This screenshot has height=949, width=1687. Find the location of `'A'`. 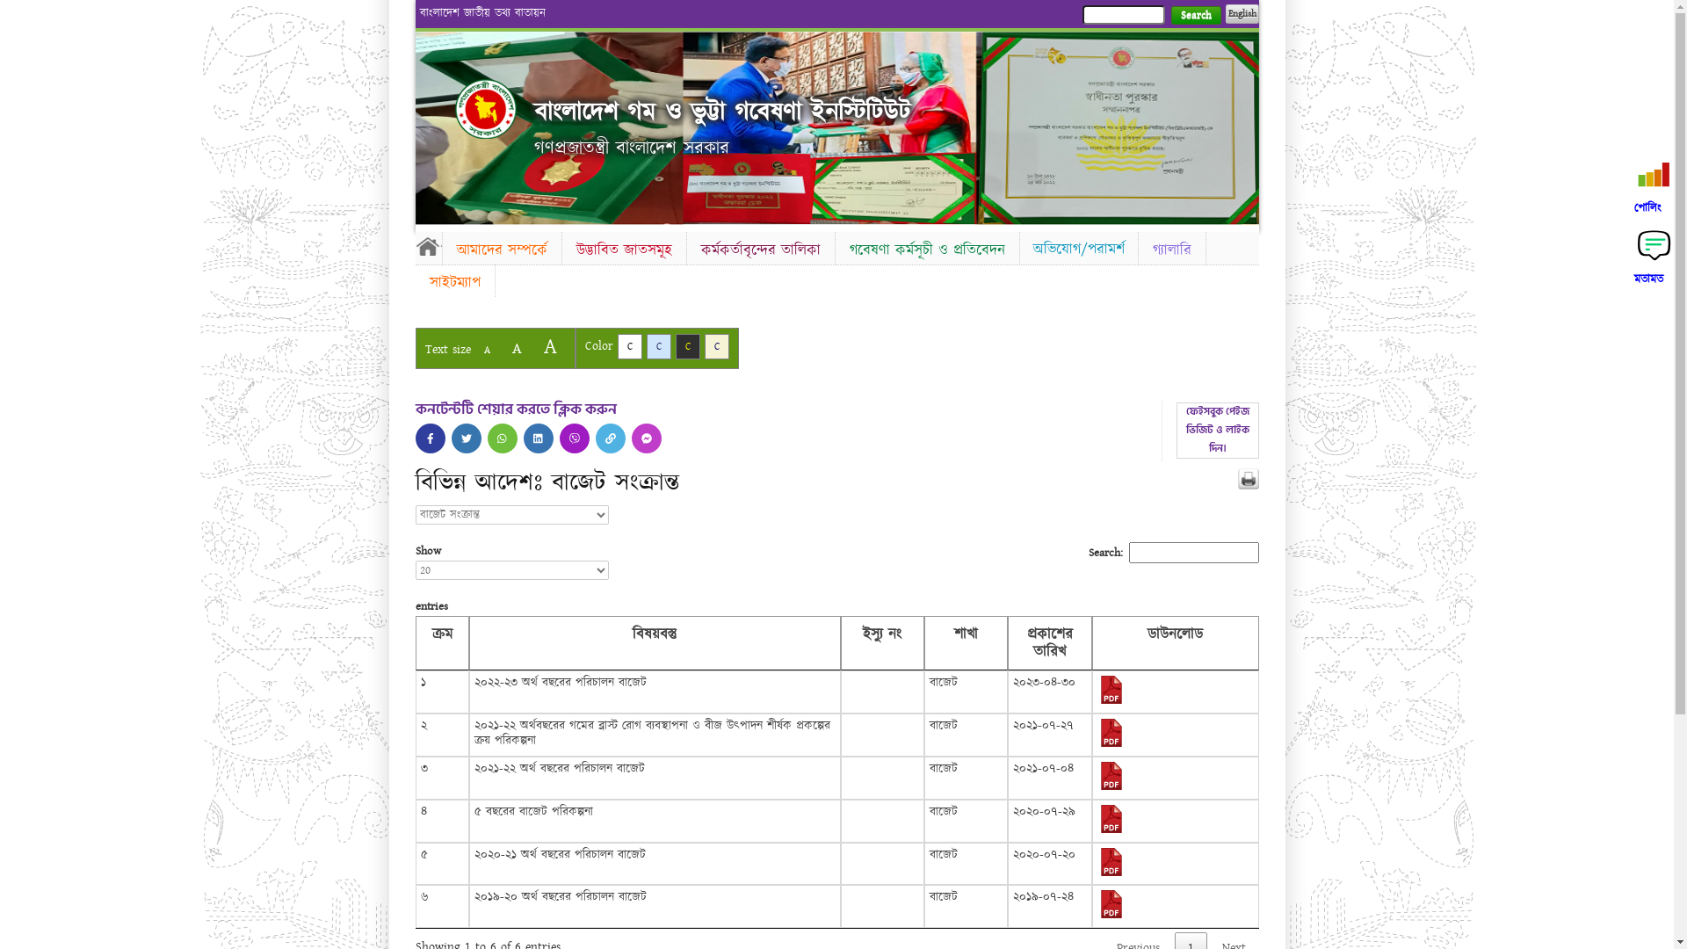

'A' is located at coordinates (486, 350).